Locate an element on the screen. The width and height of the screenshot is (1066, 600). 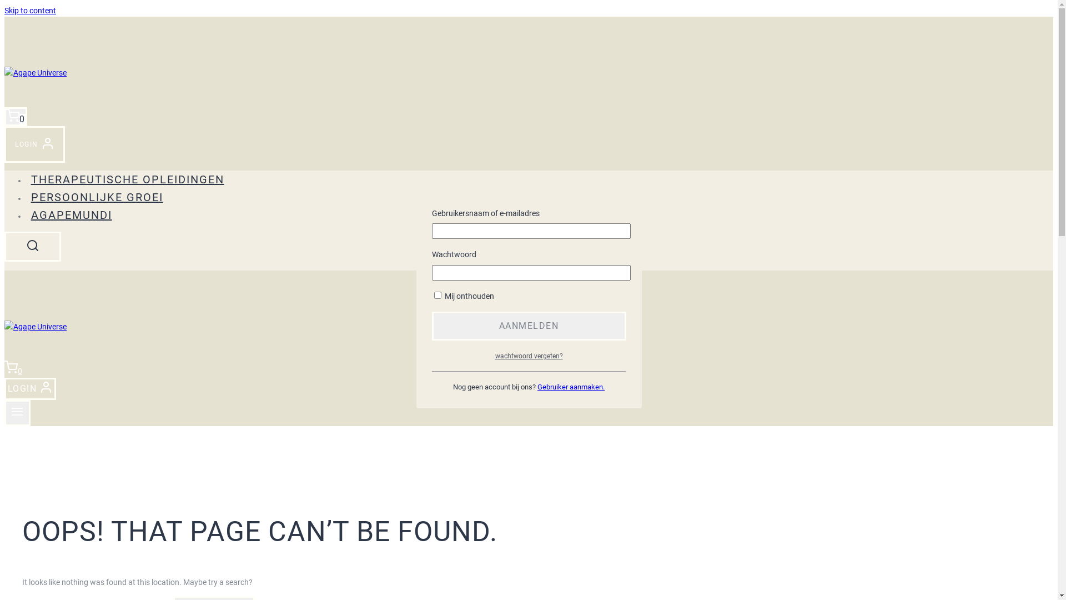
'AGAPEMUNDI' is located at coordinates (27, 214).